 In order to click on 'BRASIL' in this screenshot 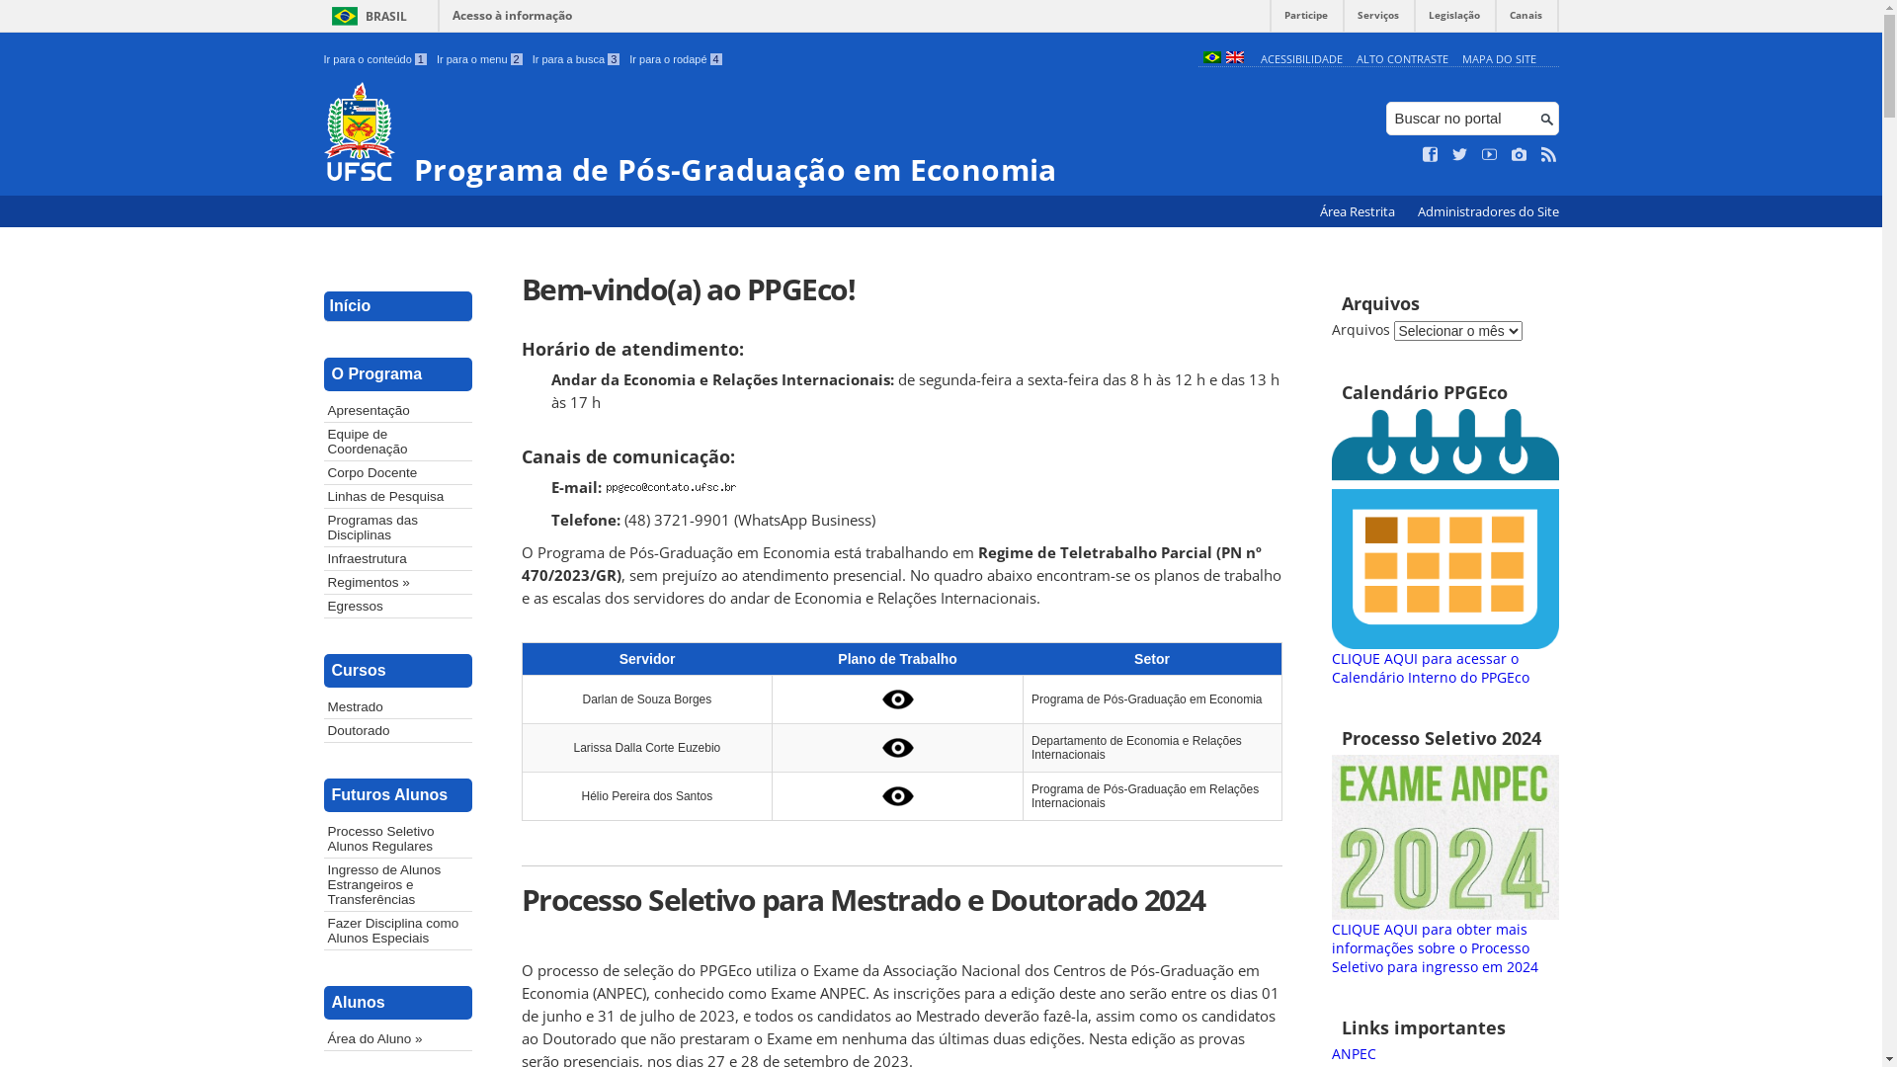, I will do `click(366, 16)`.